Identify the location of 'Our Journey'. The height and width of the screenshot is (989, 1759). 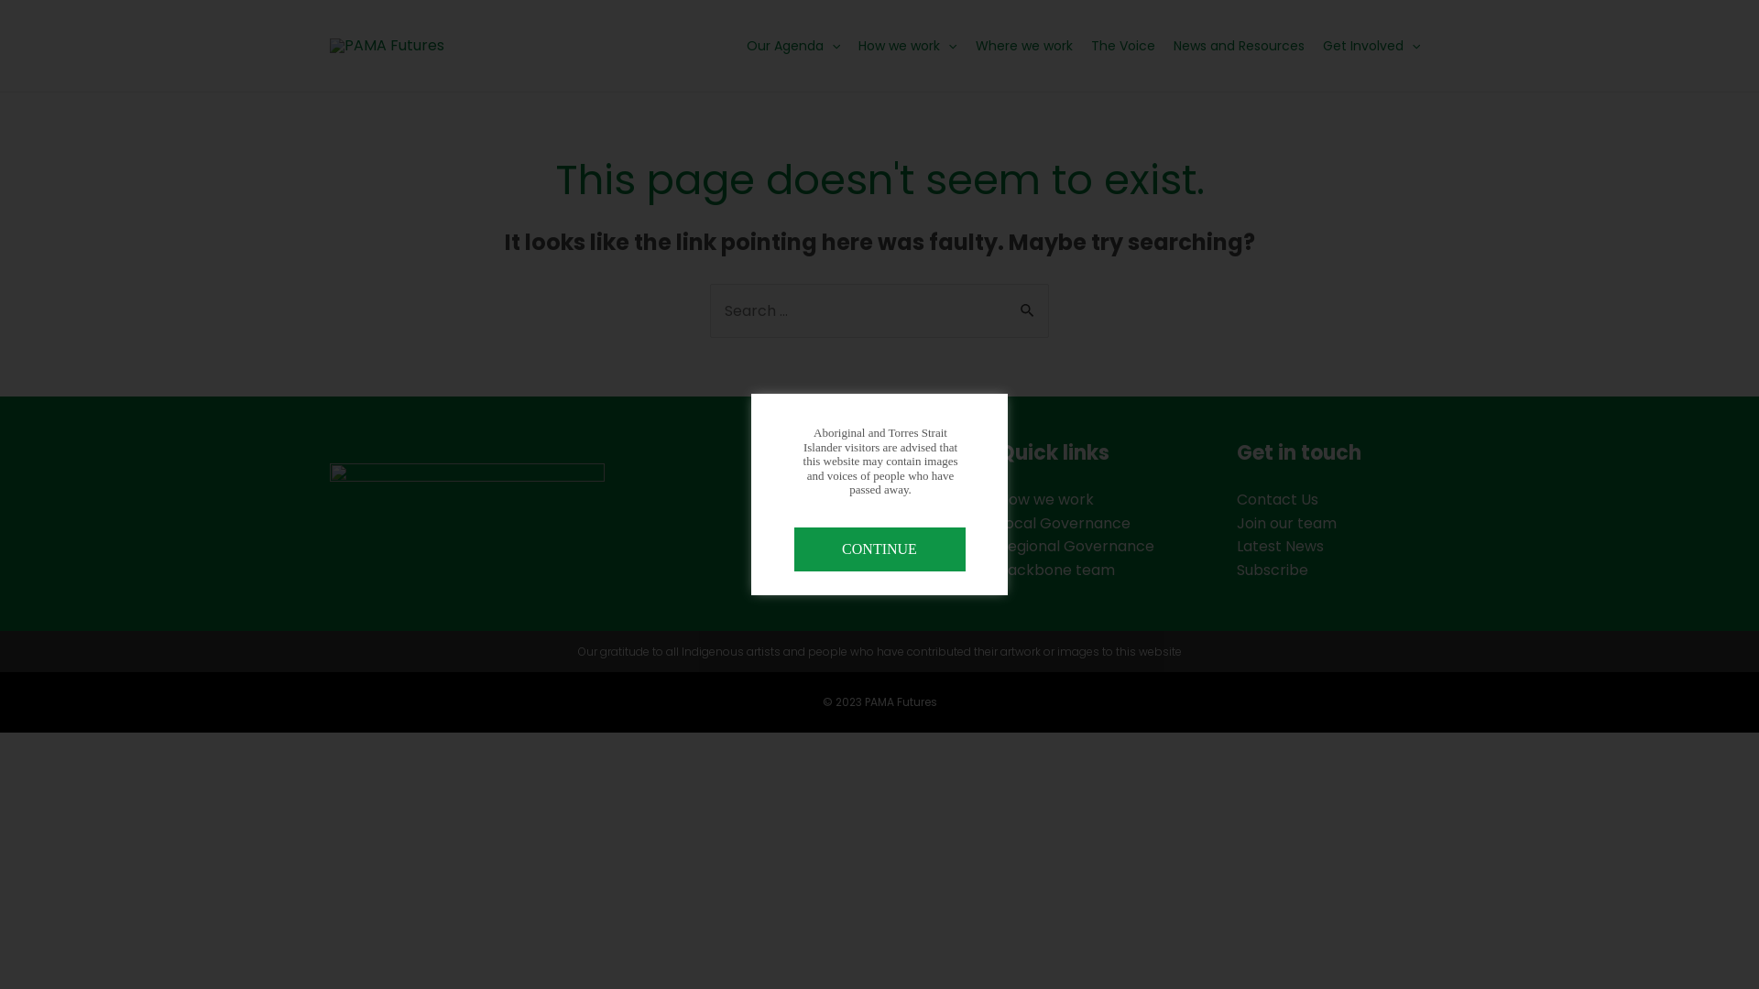
(804, 545).